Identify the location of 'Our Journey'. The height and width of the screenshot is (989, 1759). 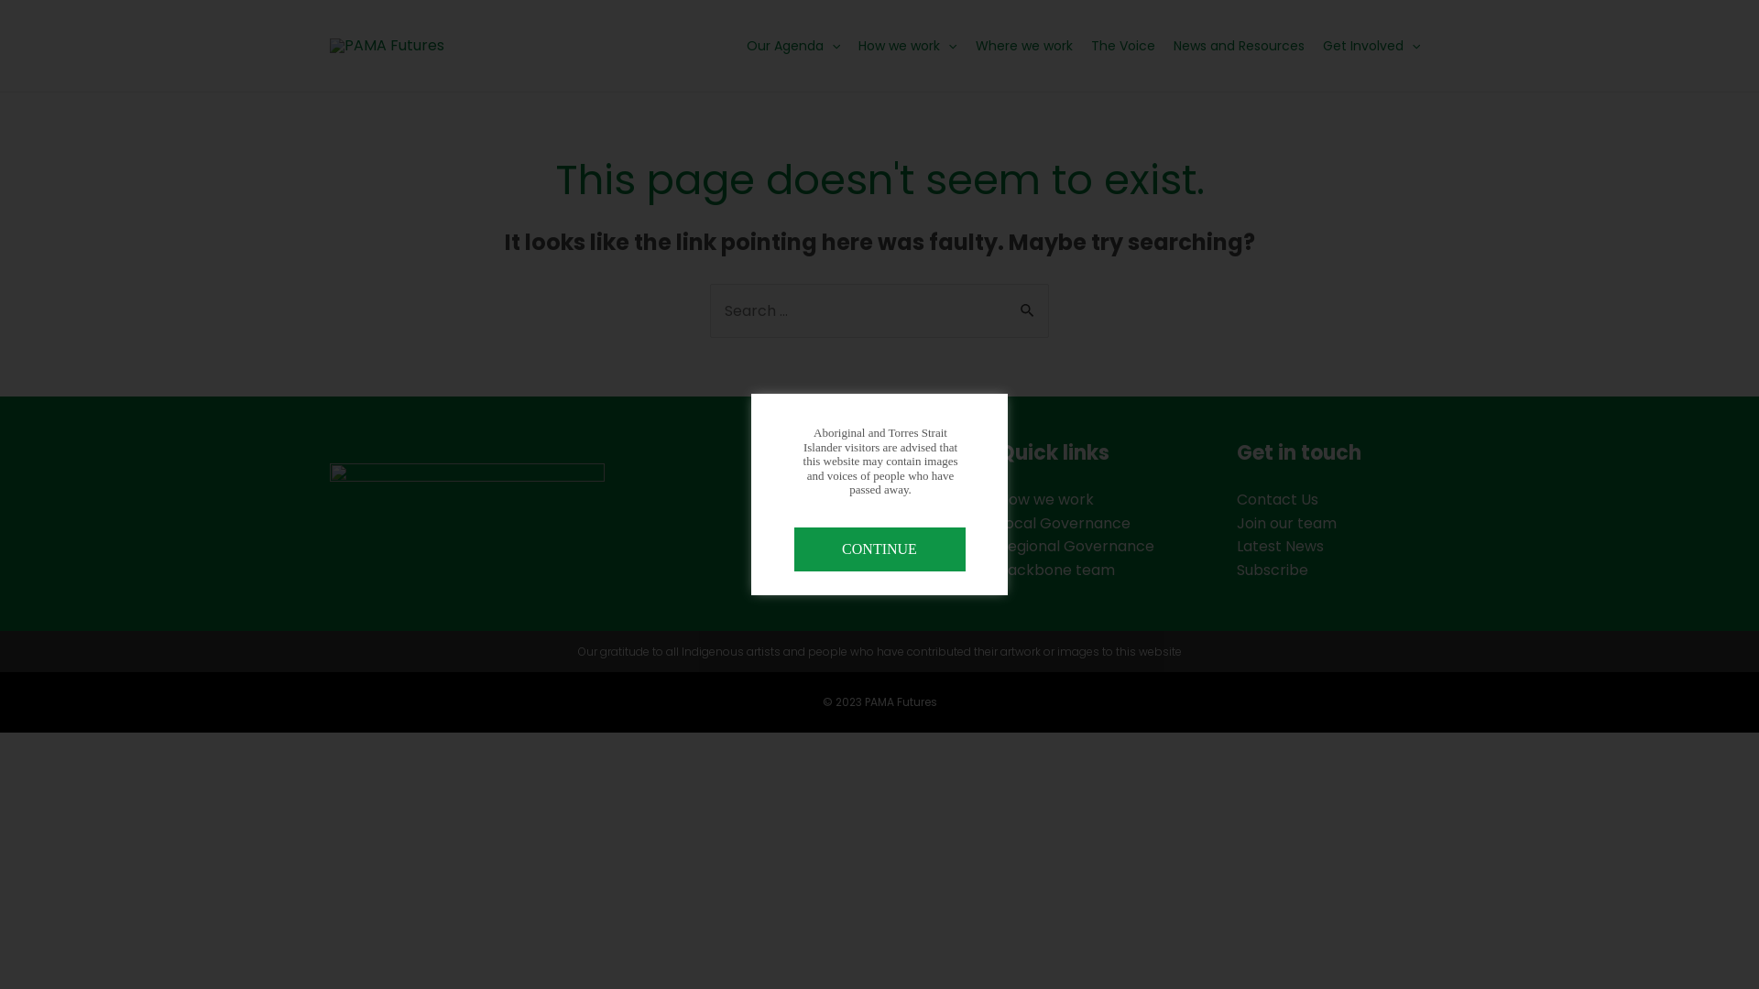
(804, 545).